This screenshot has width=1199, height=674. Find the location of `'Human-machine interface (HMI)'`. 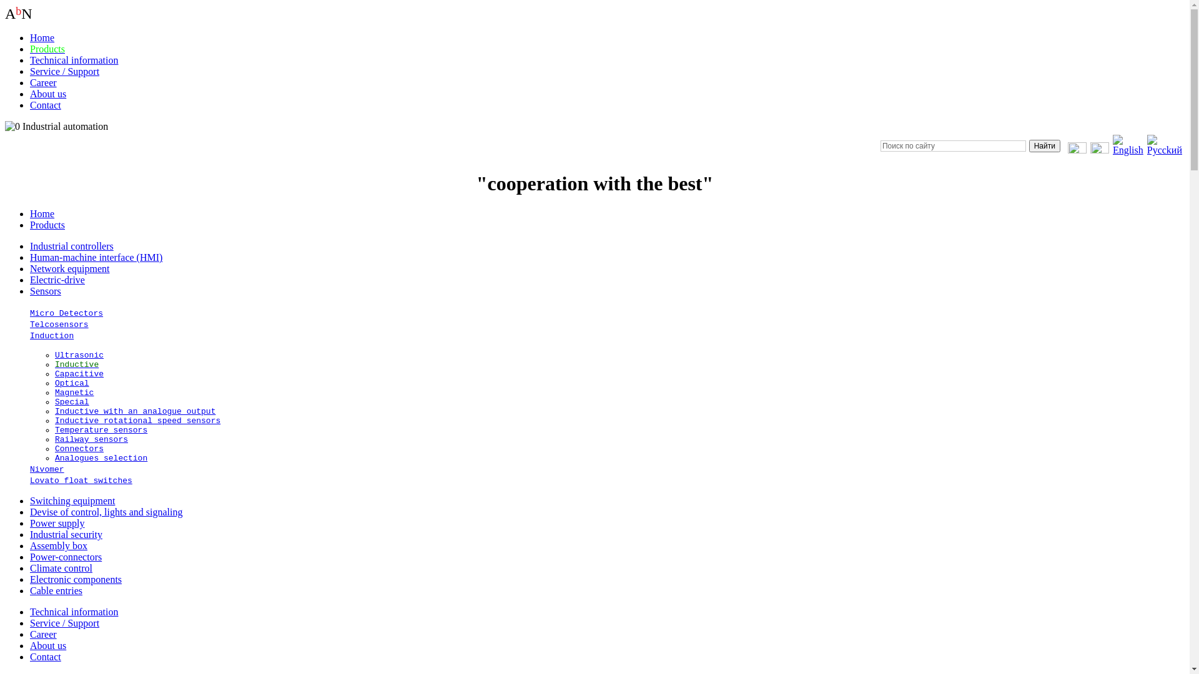

'Human-machine interface (HMI)' is located at coordinates (30, 256).